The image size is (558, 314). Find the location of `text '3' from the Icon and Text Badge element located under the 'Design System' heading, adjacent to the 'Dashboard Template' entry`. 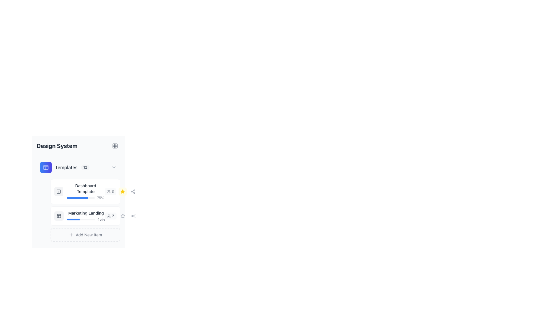

text '3' from the Icon and Text Badge element located under the 'Design System' heading, adjacent to the 'Dashboard Template' entry is located at coordinates (110, 192).